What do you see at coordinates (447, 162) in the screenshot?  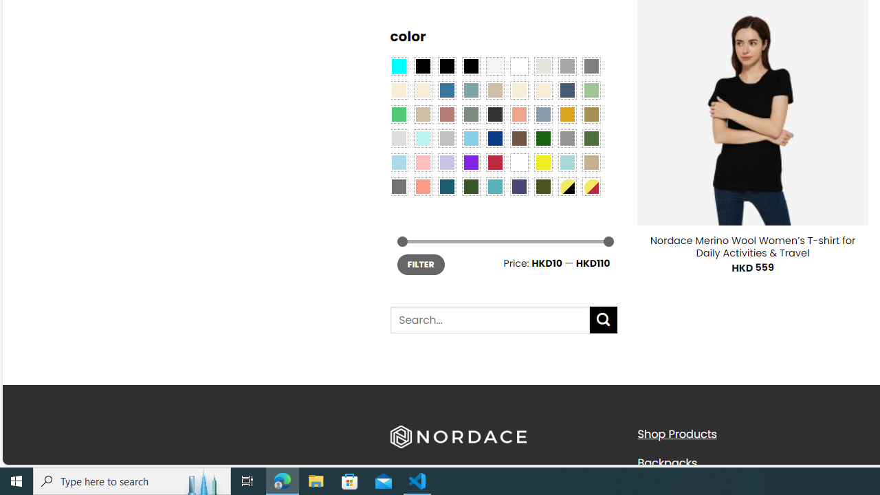 I see `'Light Purple'` at bounding box center [447, 162].